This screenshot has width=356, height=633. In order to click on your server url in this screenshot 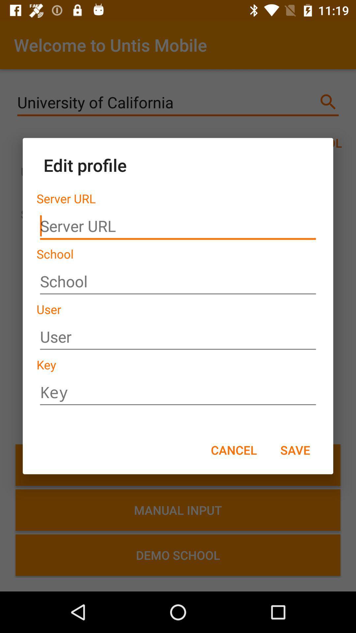, I will do `click(178, 226)`.